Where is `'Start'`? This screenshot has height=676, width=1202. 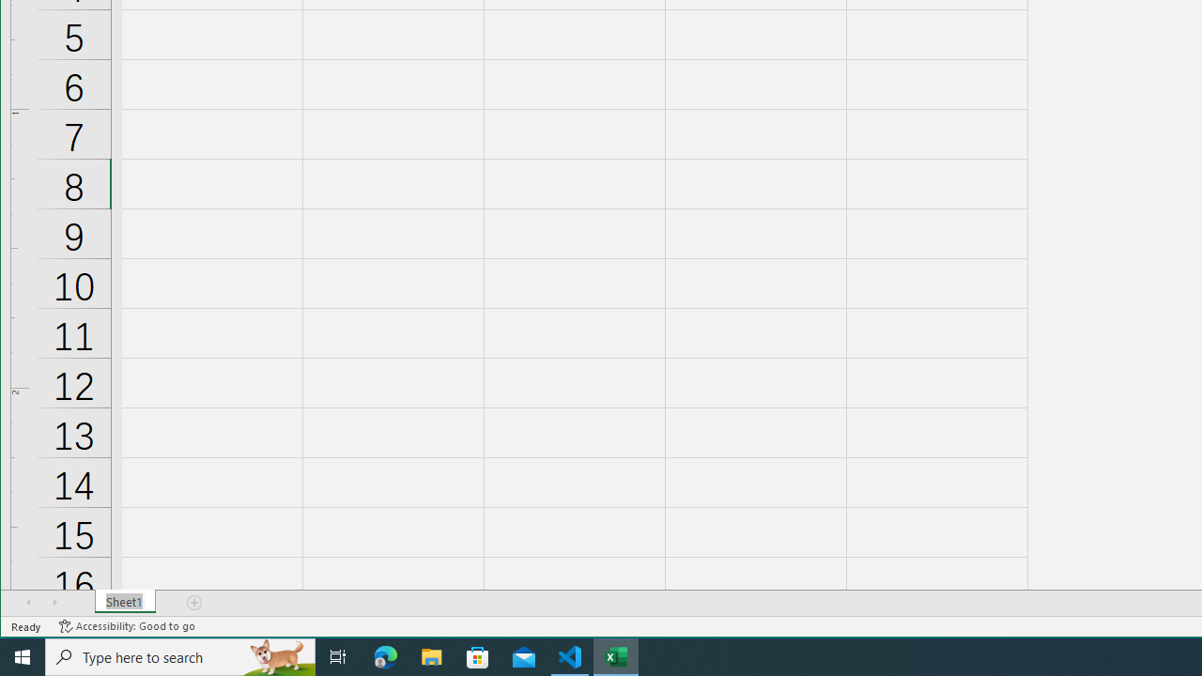
'Start' is located at coordinates (23, 655).